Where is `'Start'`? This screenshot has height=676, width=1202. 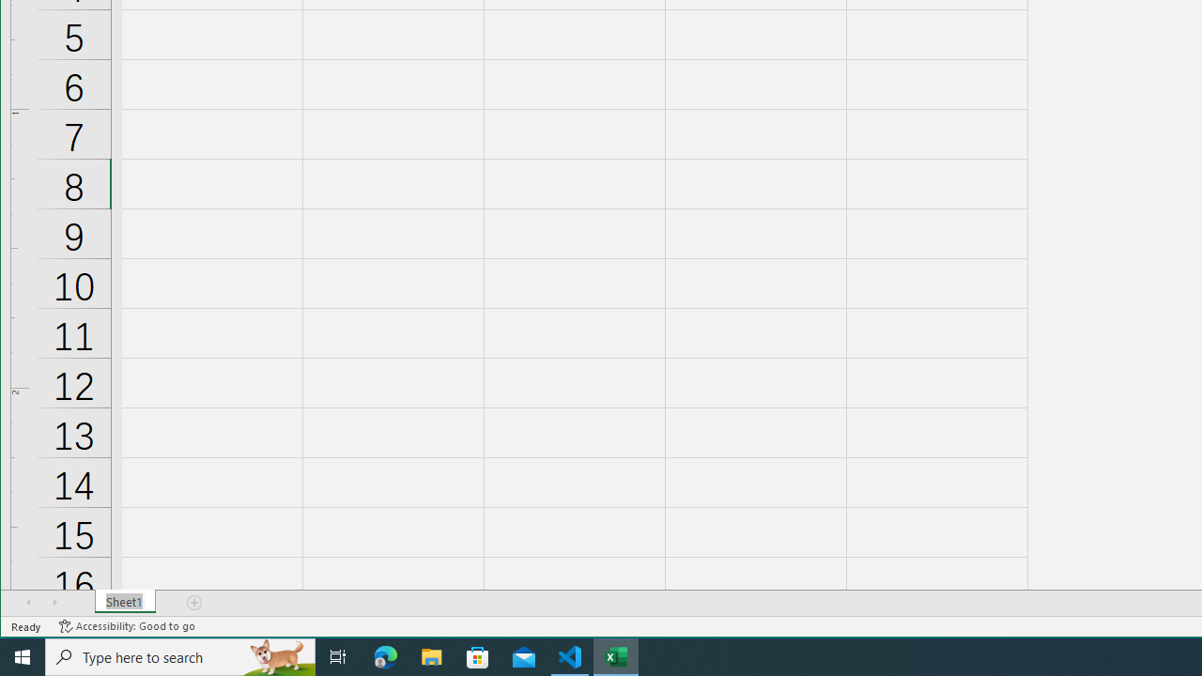
'Start' is located at coordinates (23, 655).